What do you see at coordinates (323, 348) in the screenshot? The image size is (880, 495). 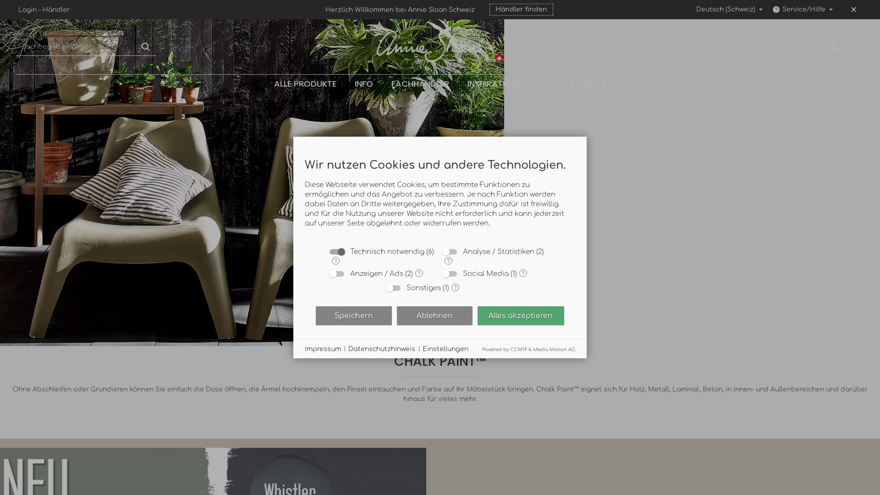 I see `'Impressum'` at bounding box center [323, 348].